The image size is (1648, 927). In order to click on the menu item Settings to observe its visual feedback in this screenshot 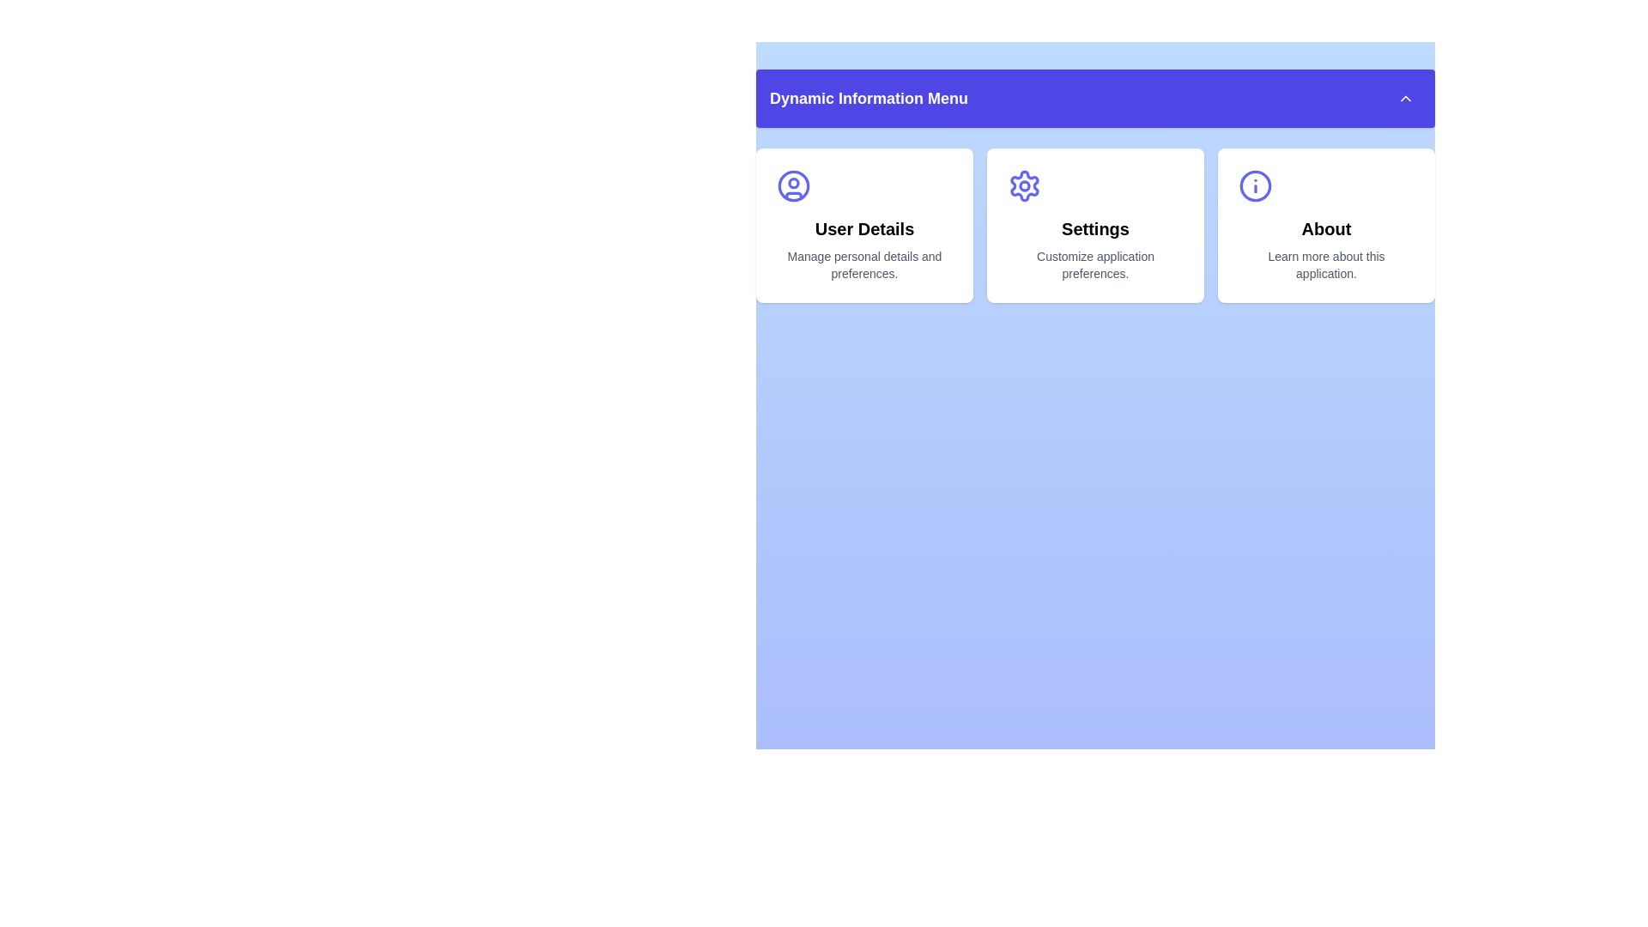, I will do `click(1094, 224)`.